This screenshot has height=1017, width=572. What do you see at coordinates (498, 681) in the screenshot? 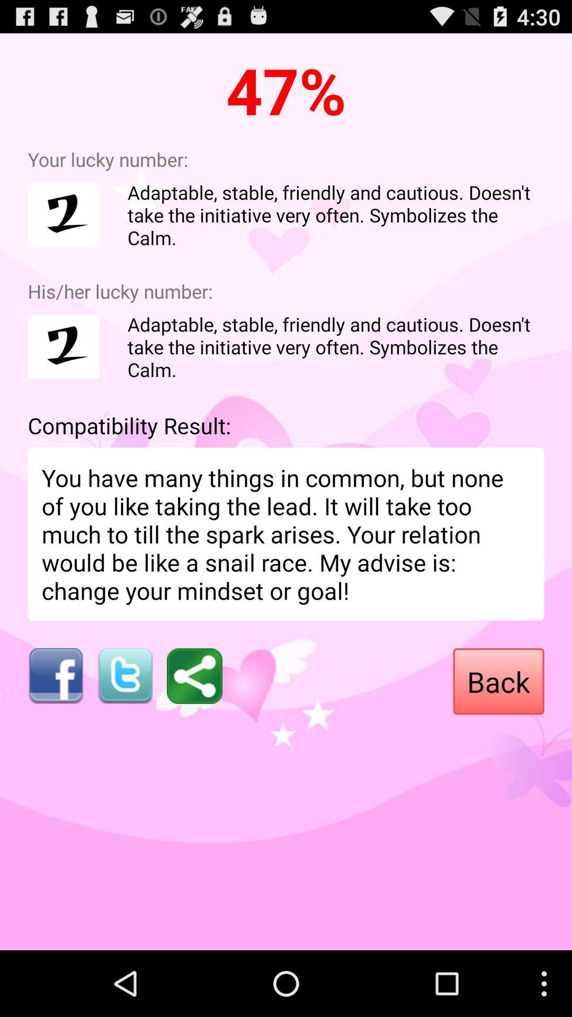
I see `button at the bottom right corner` at bounding box center [498, 681].